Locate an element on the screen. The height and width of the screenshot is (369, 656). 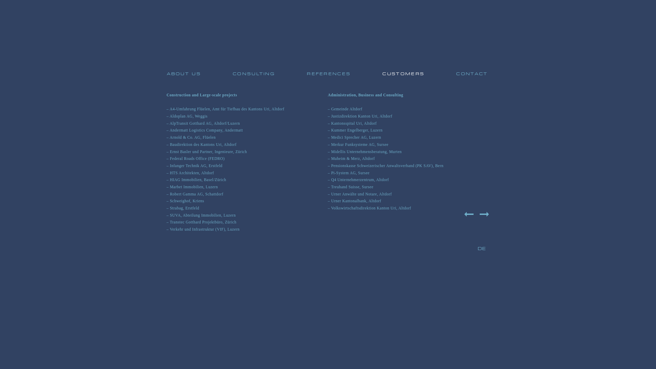
'DE' is located at coordinates (477, 249).